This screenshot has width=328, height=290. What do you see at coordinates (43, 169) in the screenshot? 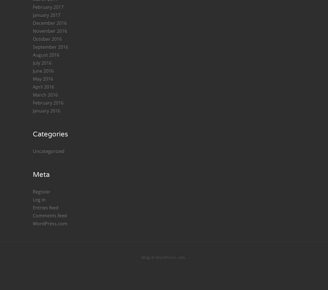
I see `'April 2018'` at bounding box center [43, 169].